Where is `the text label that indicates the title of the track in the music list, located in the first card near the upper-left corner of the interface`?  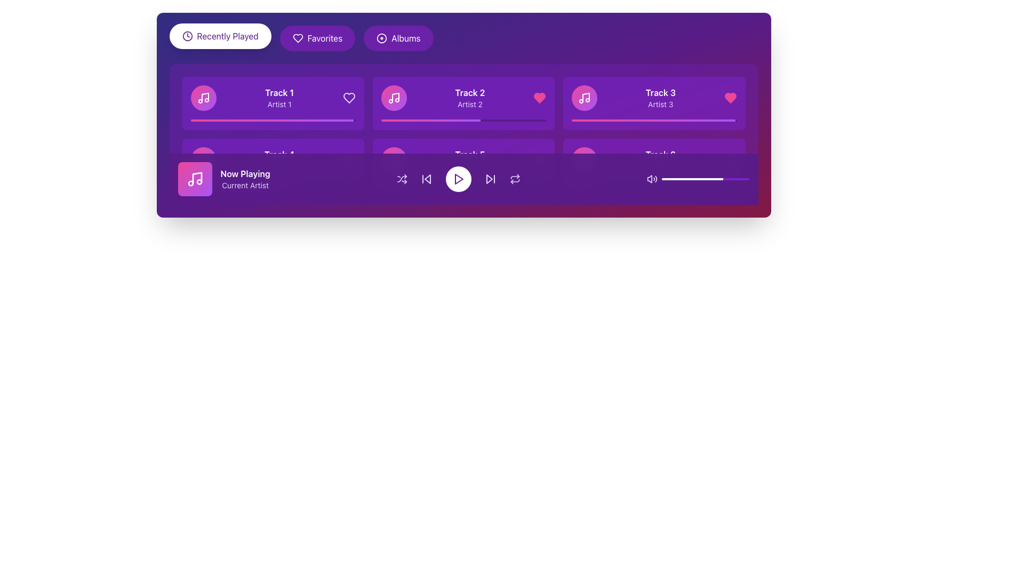
the text label that indicates the title of the track in the music list, located in the first card near the upper-left corner of the interface is located at coordinates (279, 92).